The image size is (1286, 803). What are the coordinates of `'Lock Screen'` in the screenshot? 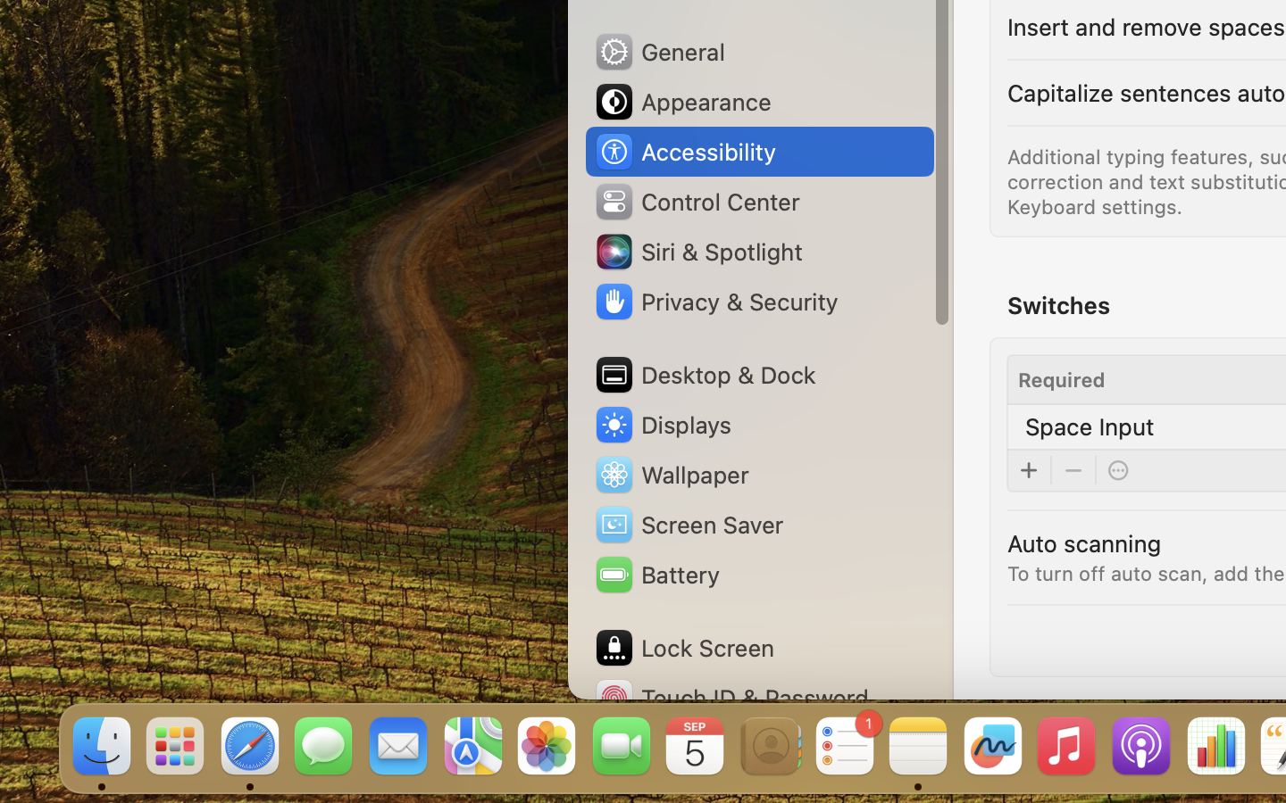 It's located at (682, 647).